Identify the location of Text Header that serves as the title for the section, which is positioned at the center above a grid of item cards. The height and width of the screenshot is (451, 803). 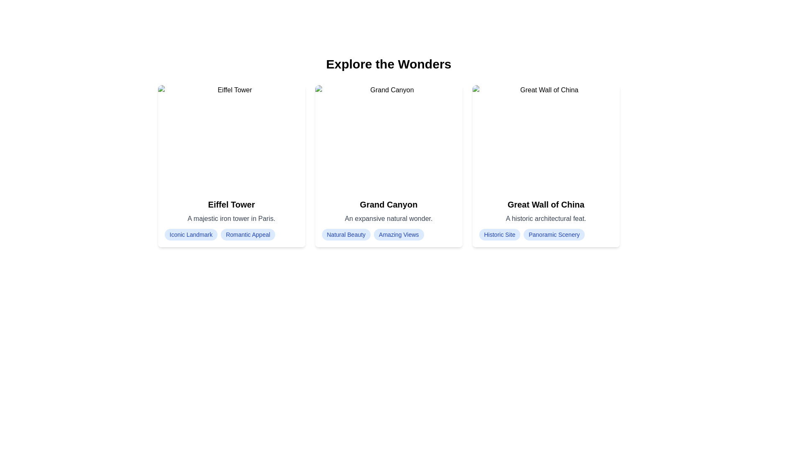
(388, 64).